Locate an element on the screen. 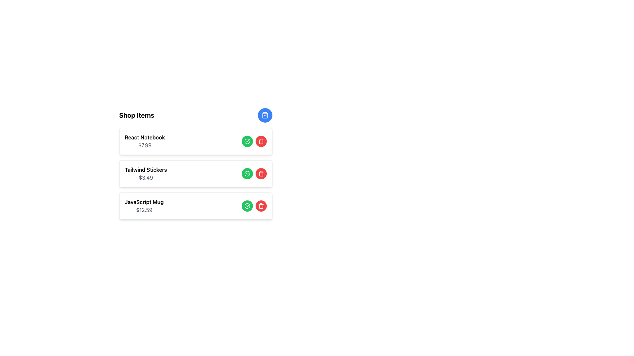  price displayed in gray text '$12.59' located below the 'JavaScript Mug' title in the third item of the 'Shop Items' list is located at coordinates (144, 210).